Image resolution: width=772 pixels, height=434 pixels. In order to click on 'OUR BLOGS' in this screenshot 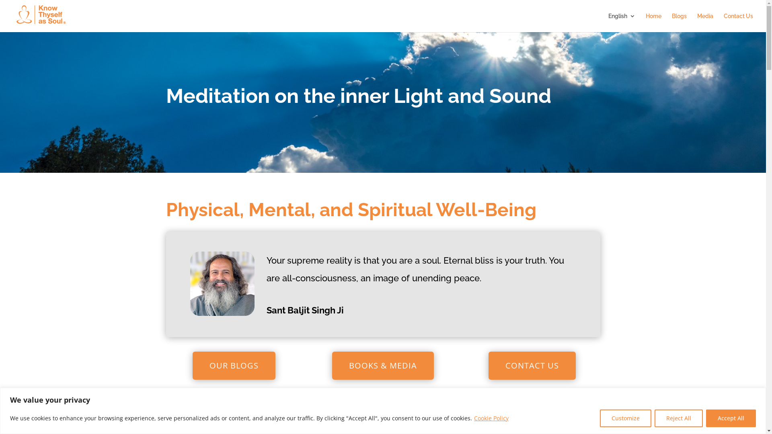, I will do `click(233, 366)`.